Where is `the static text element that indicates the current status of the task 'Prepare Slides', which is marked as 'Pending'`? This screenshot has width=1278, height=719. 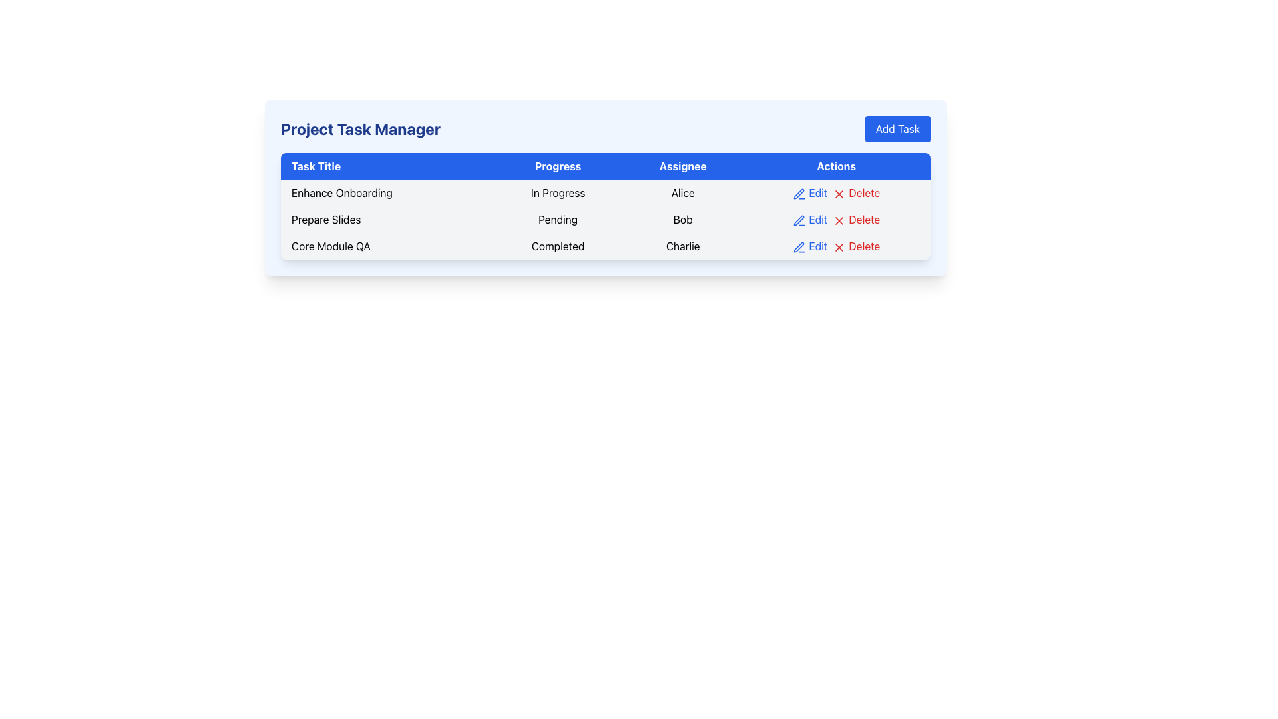
the static text element that indicates the current status of the task 'Prepare Slides', which is marked as 'Pending' is located at coordinates (558, 219).